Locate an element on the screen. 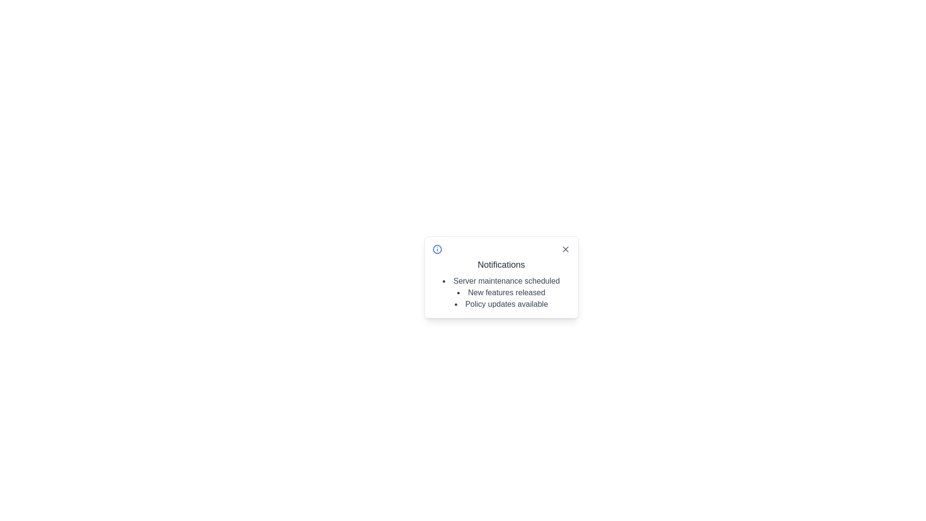  the second item in the Notifications popup panel, which states 'New features released' is located at coordinates (501, 292).